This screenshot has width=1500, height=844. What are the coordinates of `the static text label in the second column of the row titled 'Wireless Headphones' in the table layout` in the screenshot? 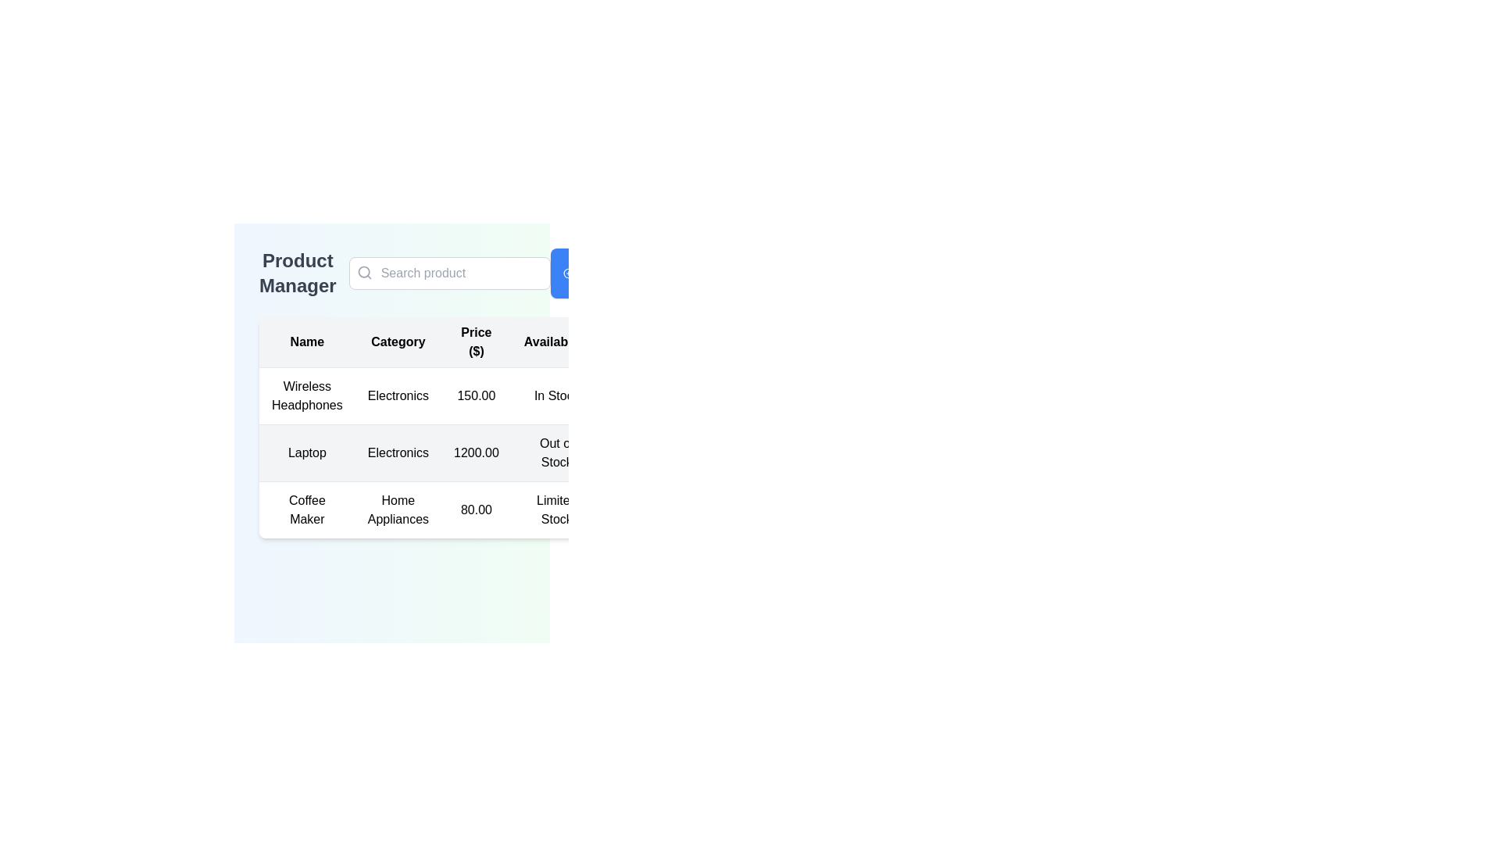 It's located at (398, 395).